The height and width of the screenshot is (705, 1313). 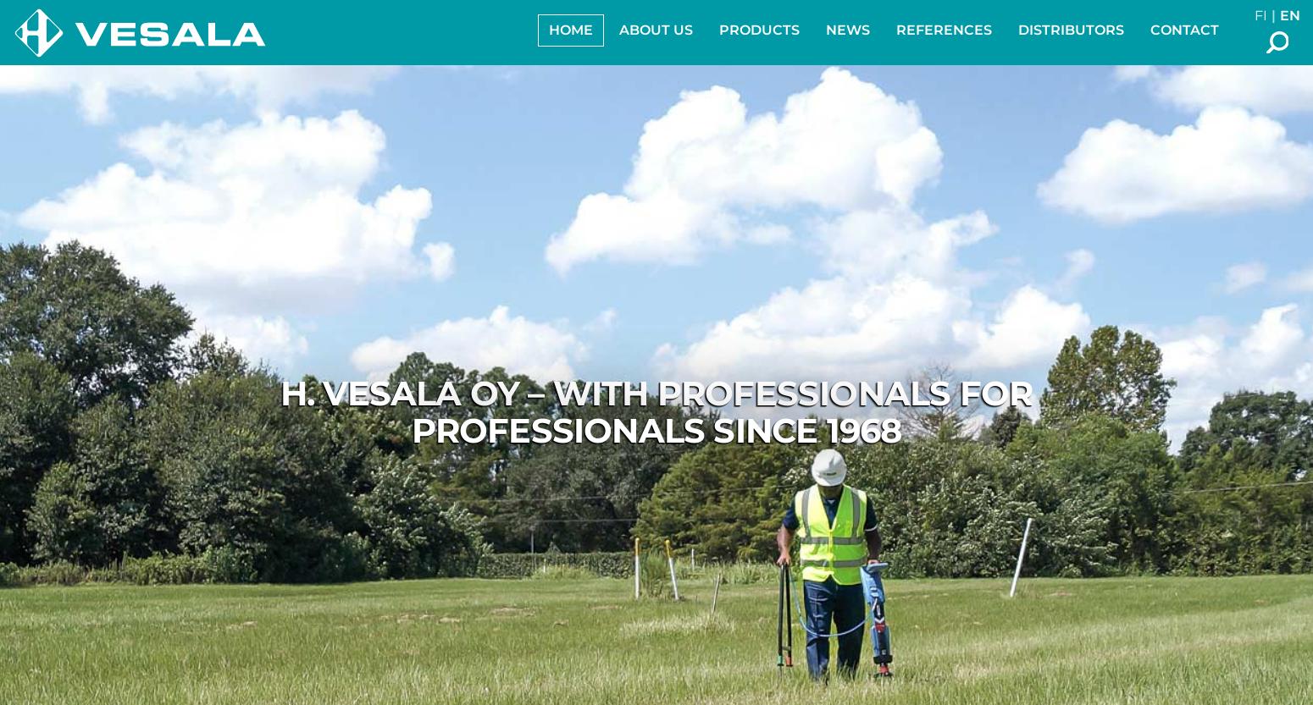 I want to click on 'Contact', so click(x=1183, y=30).